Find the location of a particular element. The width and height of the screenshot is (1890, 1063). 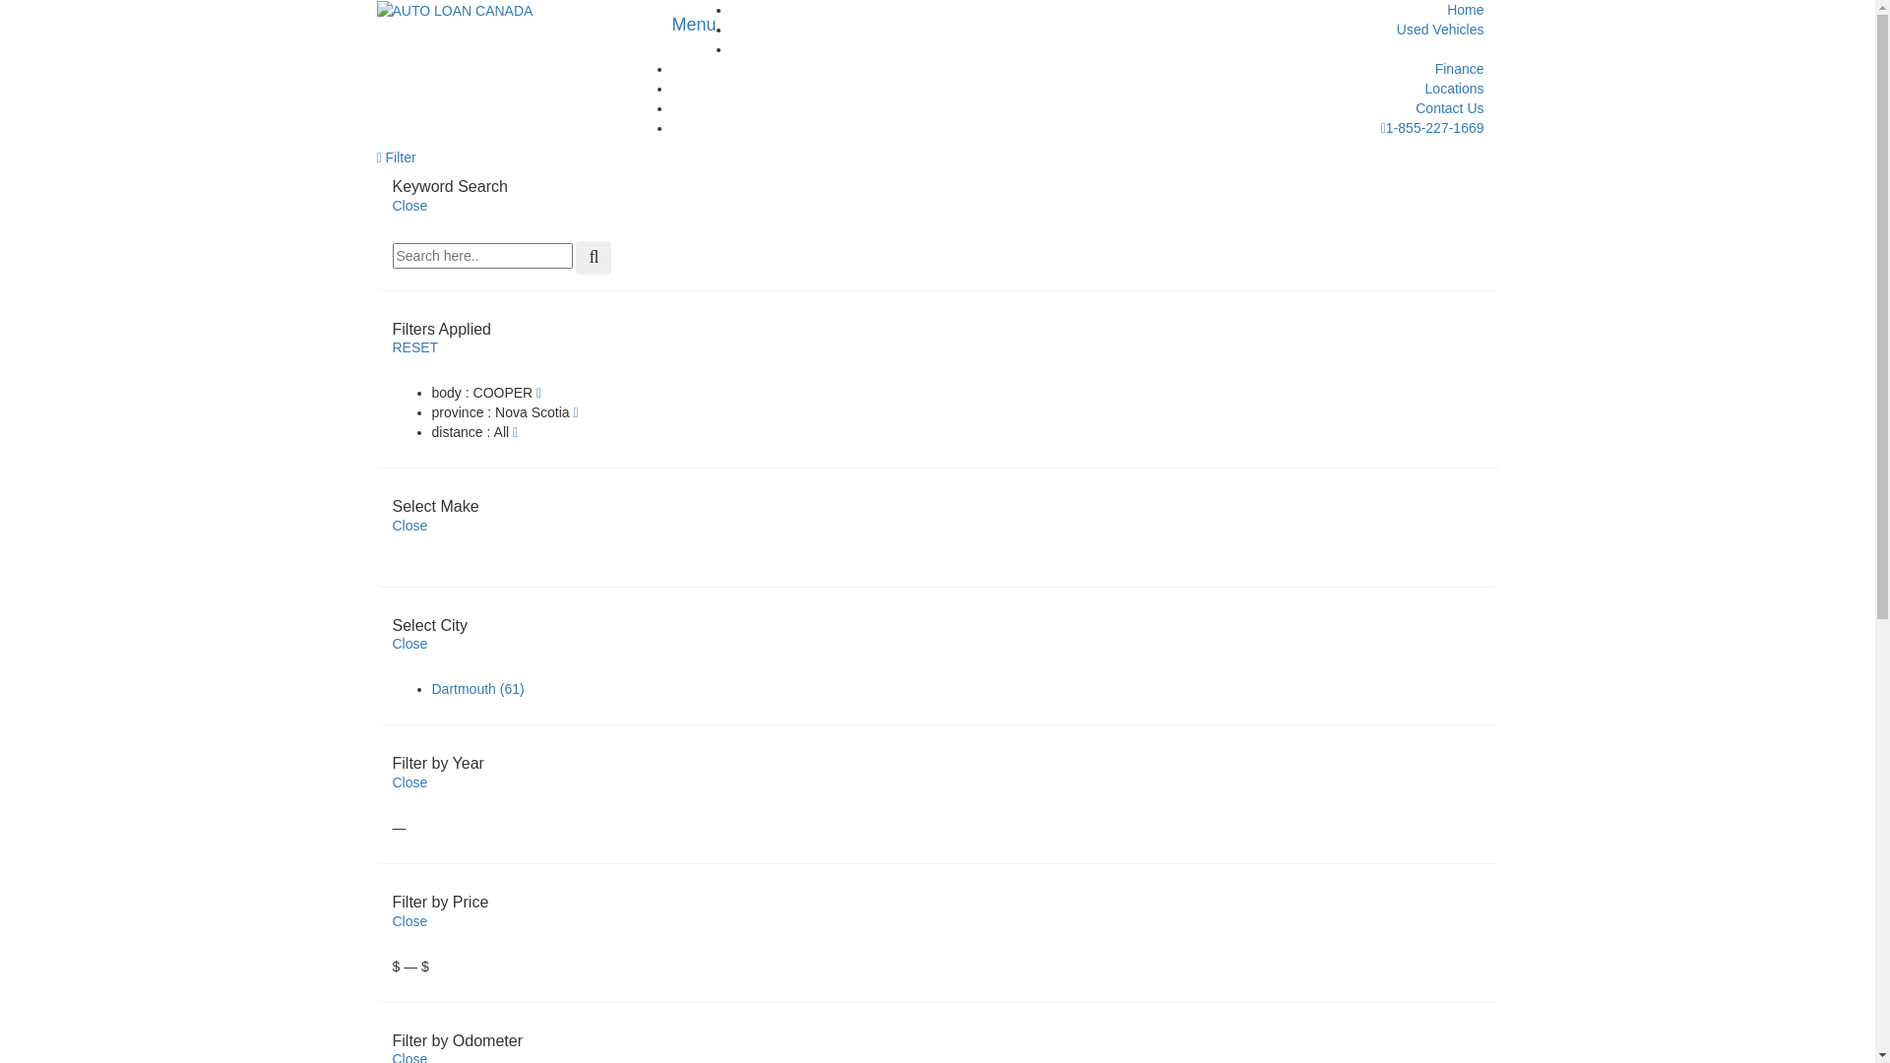

'Home' is located at coordinates (1465, 10).